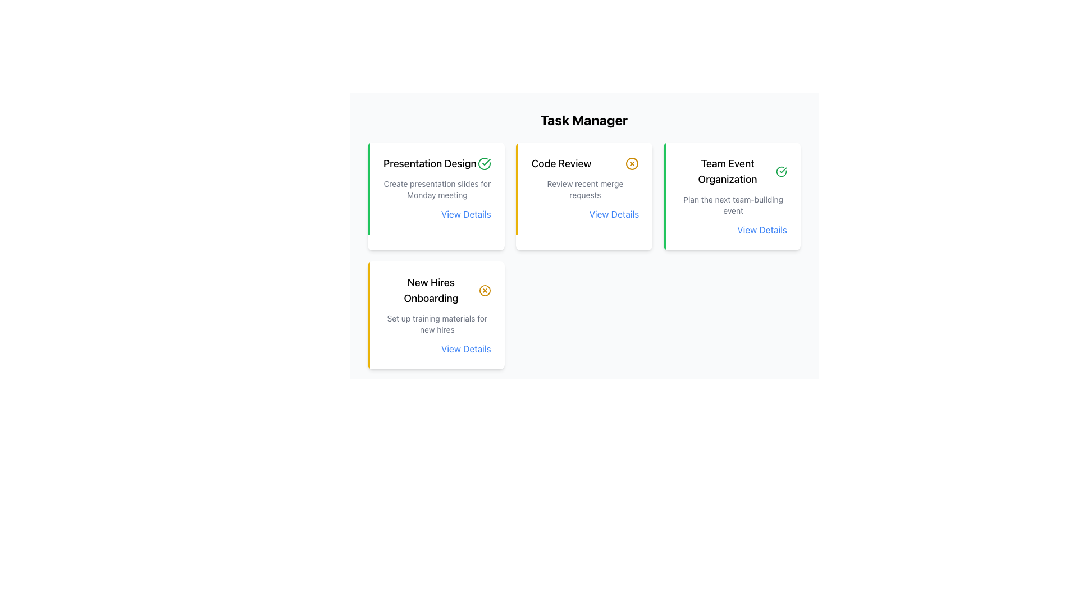  What do you see at coordinates (632, 164) in the screenshot?
I see `the circular yellow 'close' icon with an 'X' symbol located to the right of the 'Code Review' title within its card` at bounding box center [632, 164].